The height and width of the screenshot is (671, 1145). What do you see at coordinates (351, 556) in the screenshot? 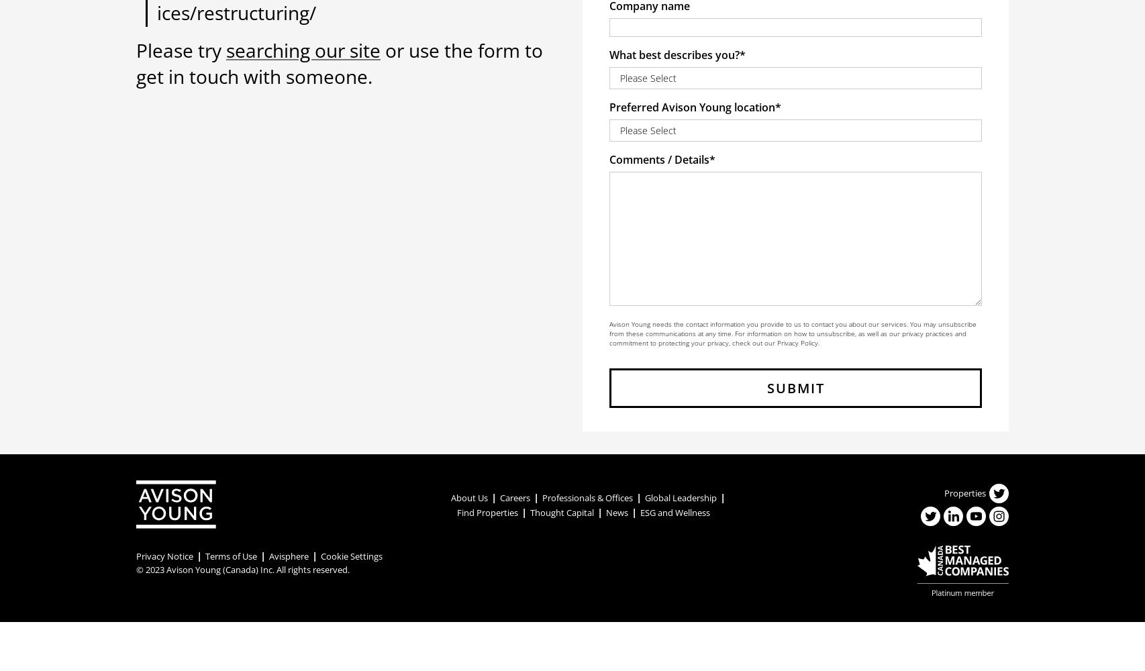
I see `'Cookie Settings'` at bounding box center [351, 556].